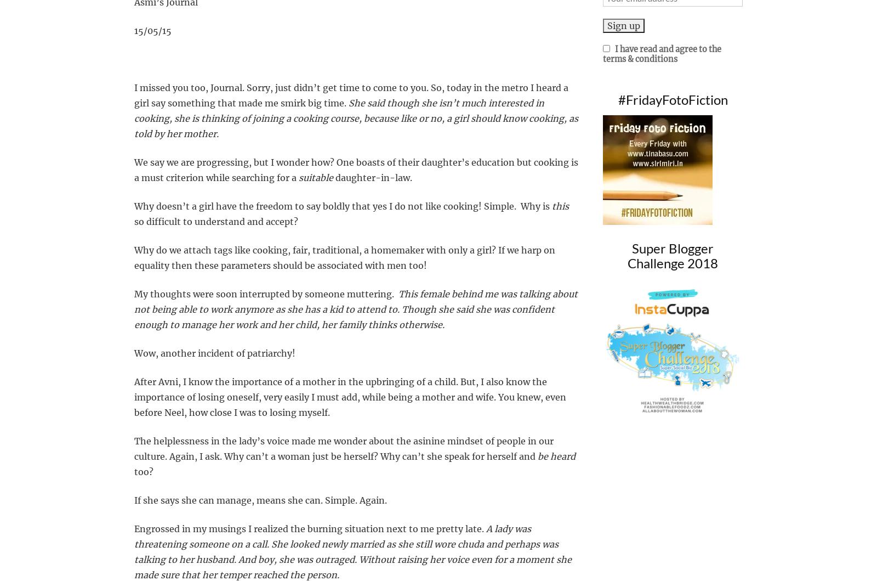  Describe the element at coordinates (351, 94) in the screenshot. I see `'I heard a girl say something that made me smirk big time.'` at that location.